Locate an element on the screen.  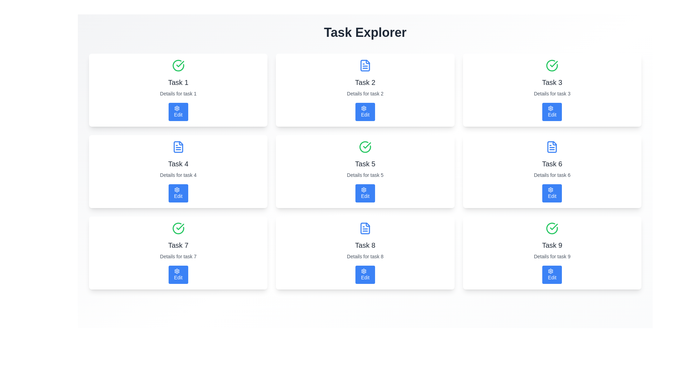
the text label that serves as the title for the task card, identifying the task as 'Task 6', located in the second row, third column of the layout grid is located at coordinates (552, 164).